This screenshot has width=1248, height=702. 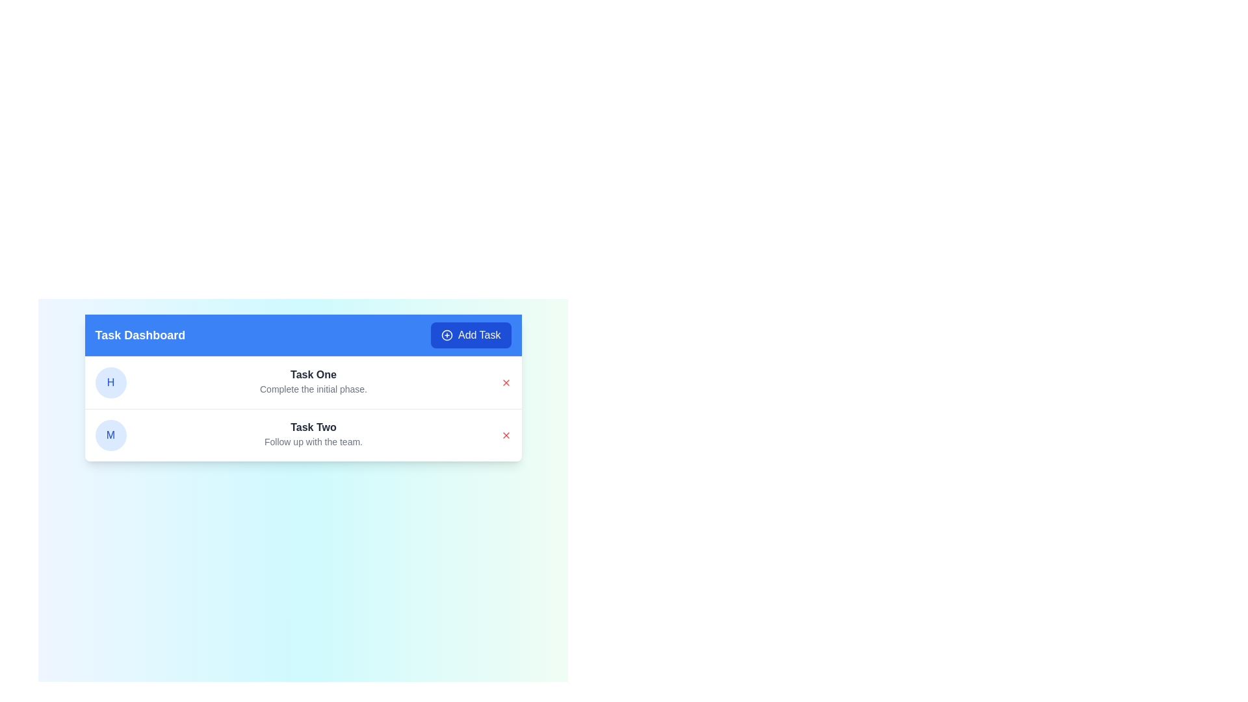 What do you see at coordinates (470, 335) in the screenshot?
I see `the button located in the upper-right corner of the 'Task Dashboard' header` at bounding box center [470, 335].